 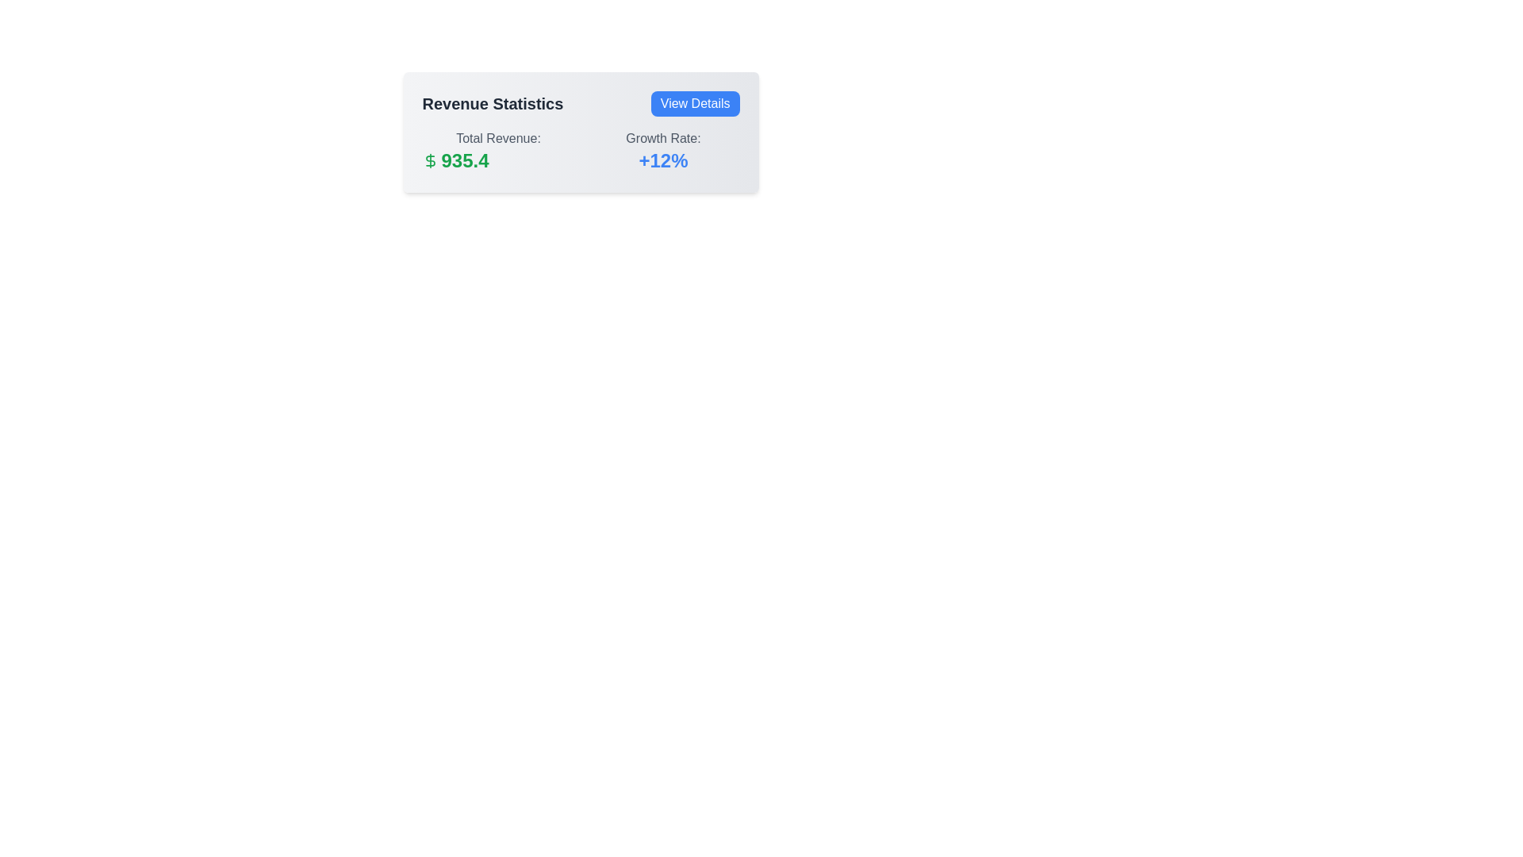 What do you see at coordinates (497, 152) in the screenshot?
I see `the informational text displaying 'Total Revenue:' with the value '935.4' in green color and a dollar sign icon` at bounding box center [497, 152].